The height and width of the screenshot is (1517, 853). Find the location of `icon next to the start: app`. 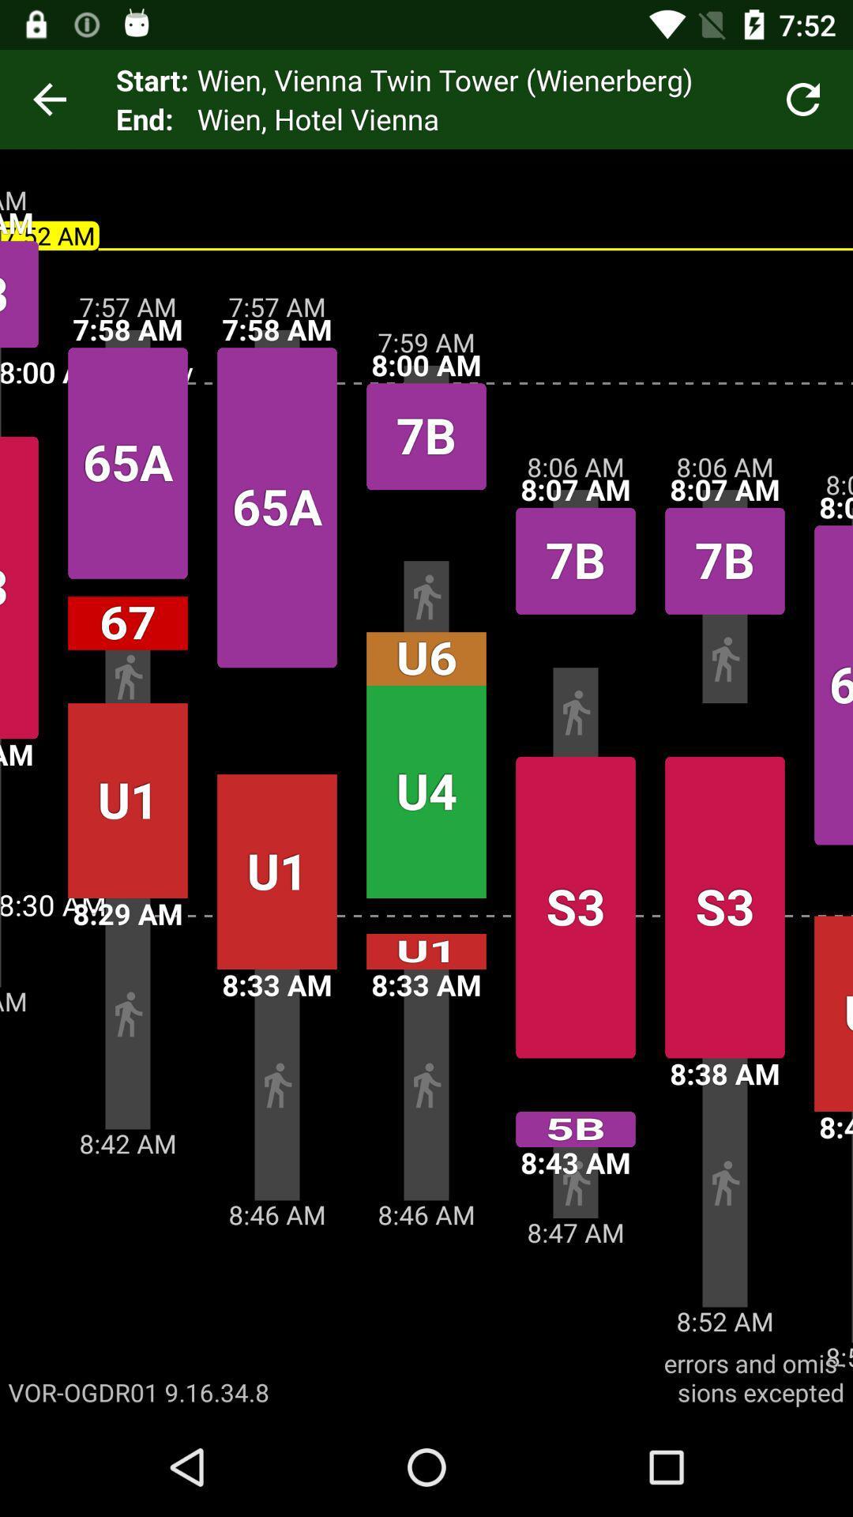

icon next to the start: app is located at coordinates (48, 98).